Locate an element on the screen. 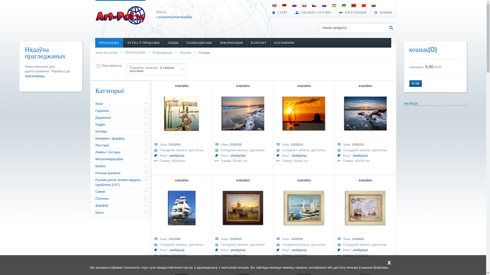 The height and width of the screenshot is (275, 490). 'sk' is located at coordinates (322, 6).